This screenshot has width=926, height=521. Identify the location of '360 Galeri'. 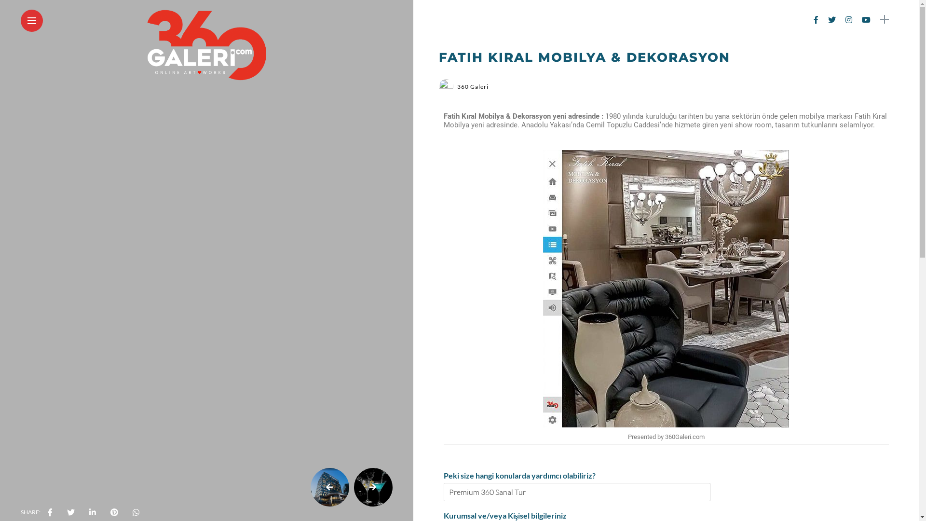
(457, 86).